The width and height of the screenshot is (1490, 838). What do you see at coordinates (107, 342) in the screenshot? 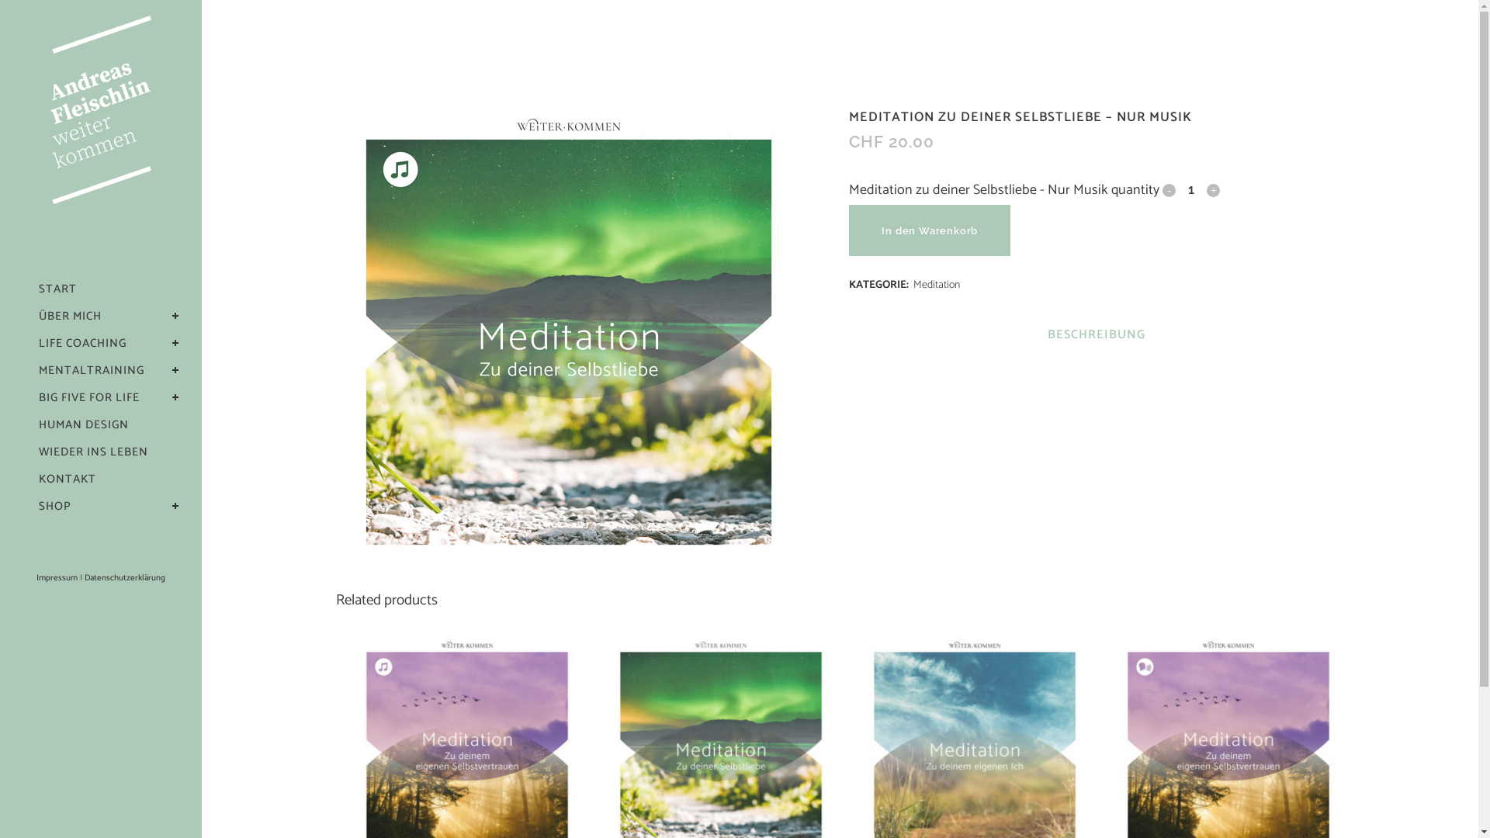
I see `'LIFE COACHING'` at bounding box center [107, 342].